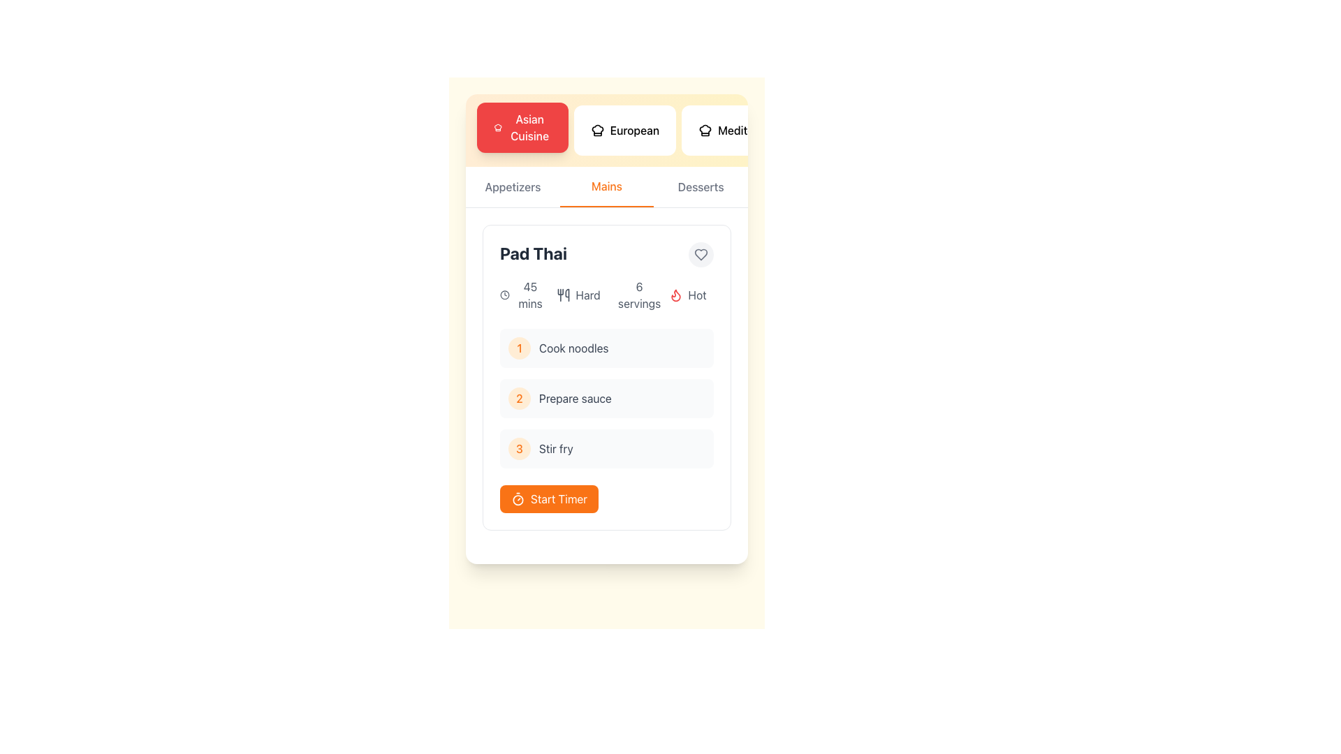 This screenshot has width=1341, height=754. I want to click on the text label displaying 'Hard', which is styled in gray and is the third element in a horizontal stack of recipe details, following a cutlery icon, so click(587, 295).